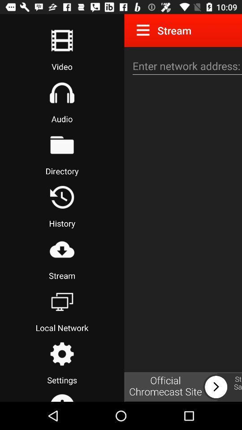 The image size is (242, 430). I want to click on history, so click(61, 197).